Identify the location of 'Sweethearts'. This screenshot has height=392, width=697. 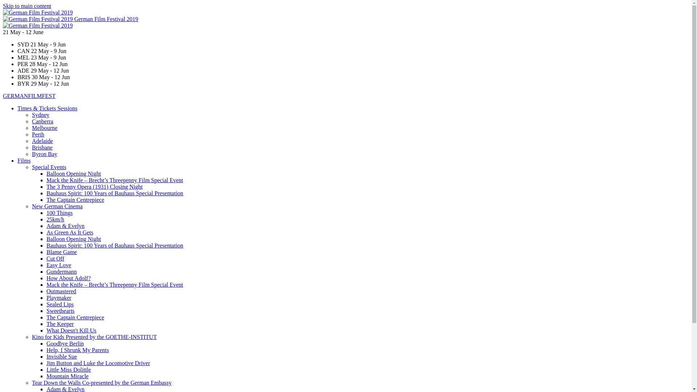
(60, 310).